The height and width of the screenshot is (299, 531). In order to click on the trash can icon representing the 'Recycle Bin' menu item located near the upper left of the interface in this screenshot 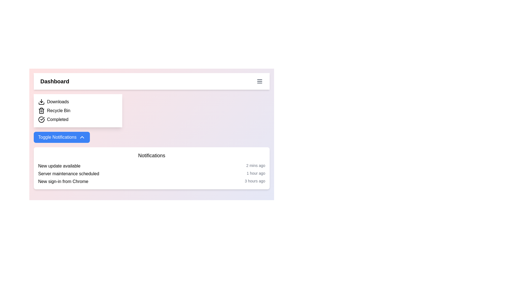, I will do `click(41, 111)`.